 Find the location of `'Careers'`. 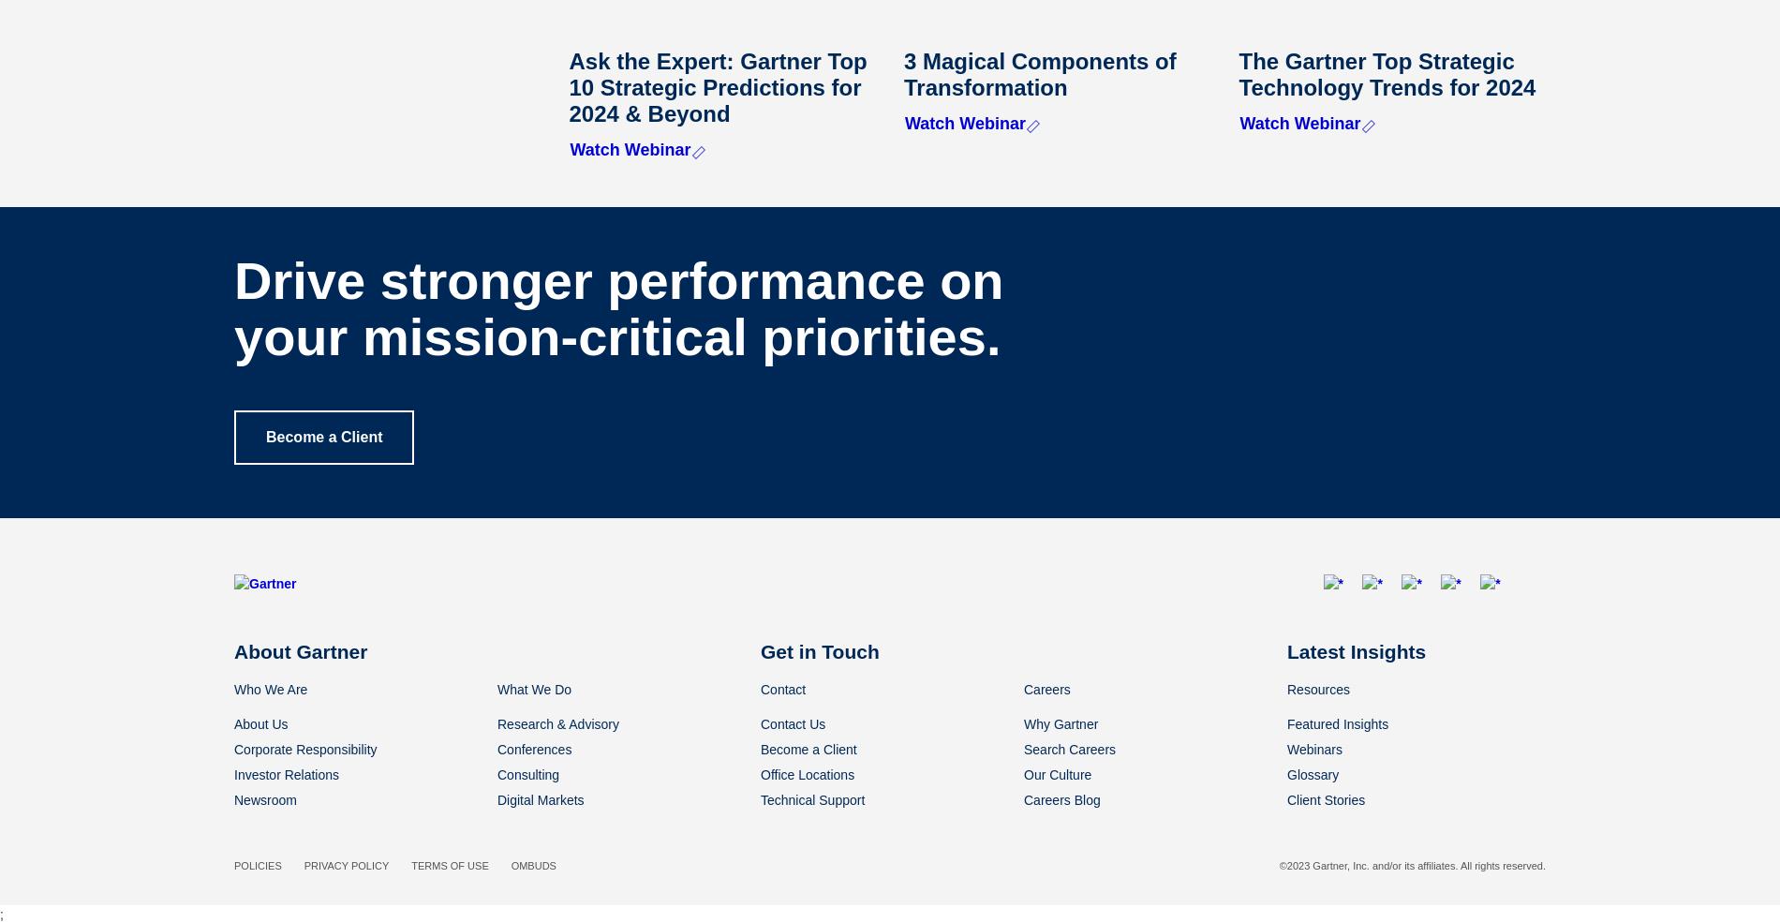

'Careers' is located at coordinates (1046, 689).